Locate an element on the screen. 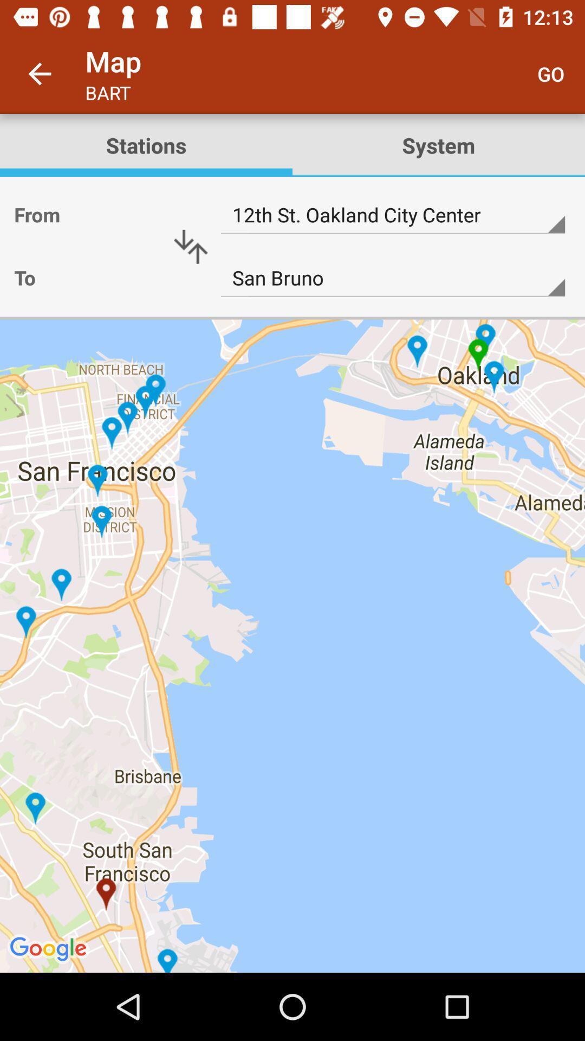 This screenshot has height=1041, width=585. switch from and to location is located at coordinates (190, 246).